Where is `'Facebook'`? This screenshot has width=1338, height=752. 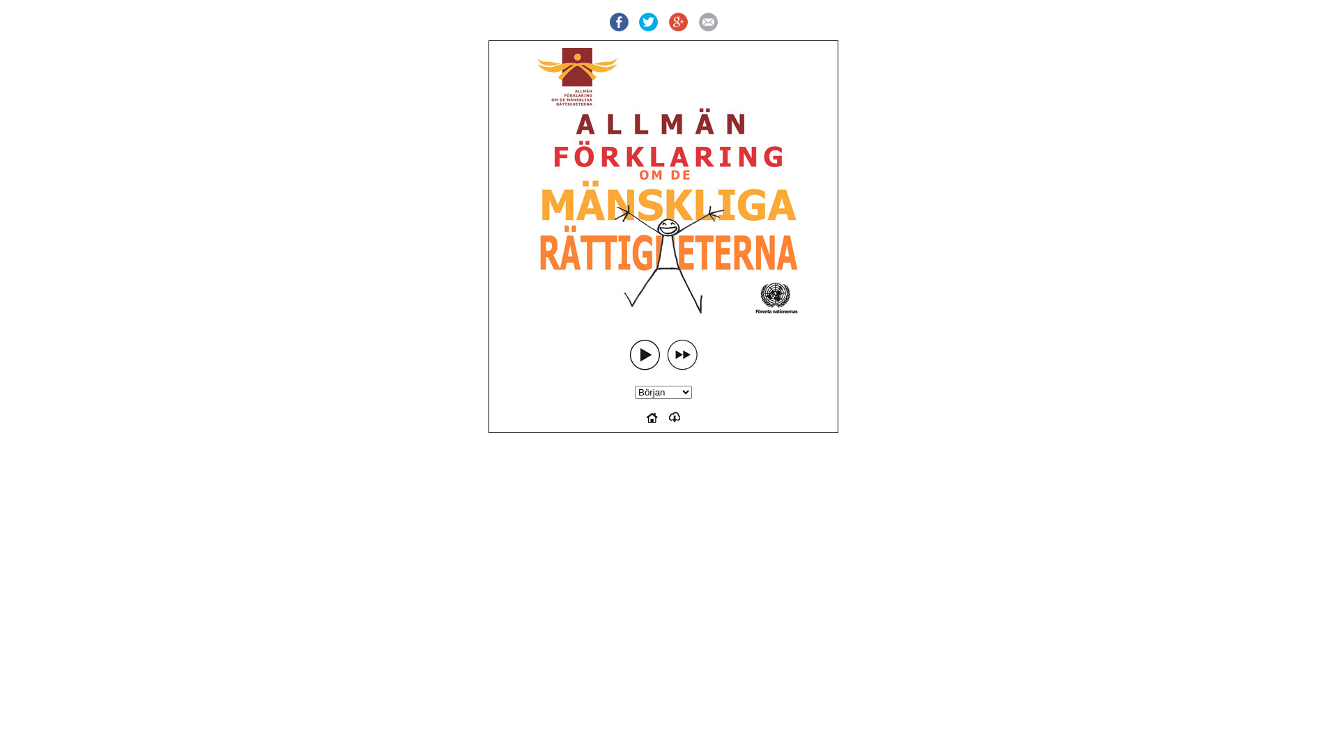 'Facebook' is located at coordinates (617, 22).